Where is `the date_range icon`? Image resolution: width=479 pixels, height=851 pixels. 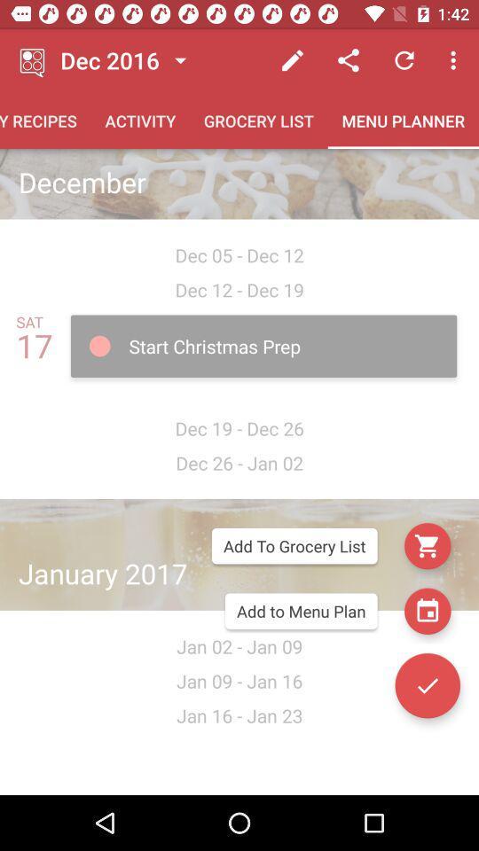
the date_range icon is located at coordinates (427, 611).